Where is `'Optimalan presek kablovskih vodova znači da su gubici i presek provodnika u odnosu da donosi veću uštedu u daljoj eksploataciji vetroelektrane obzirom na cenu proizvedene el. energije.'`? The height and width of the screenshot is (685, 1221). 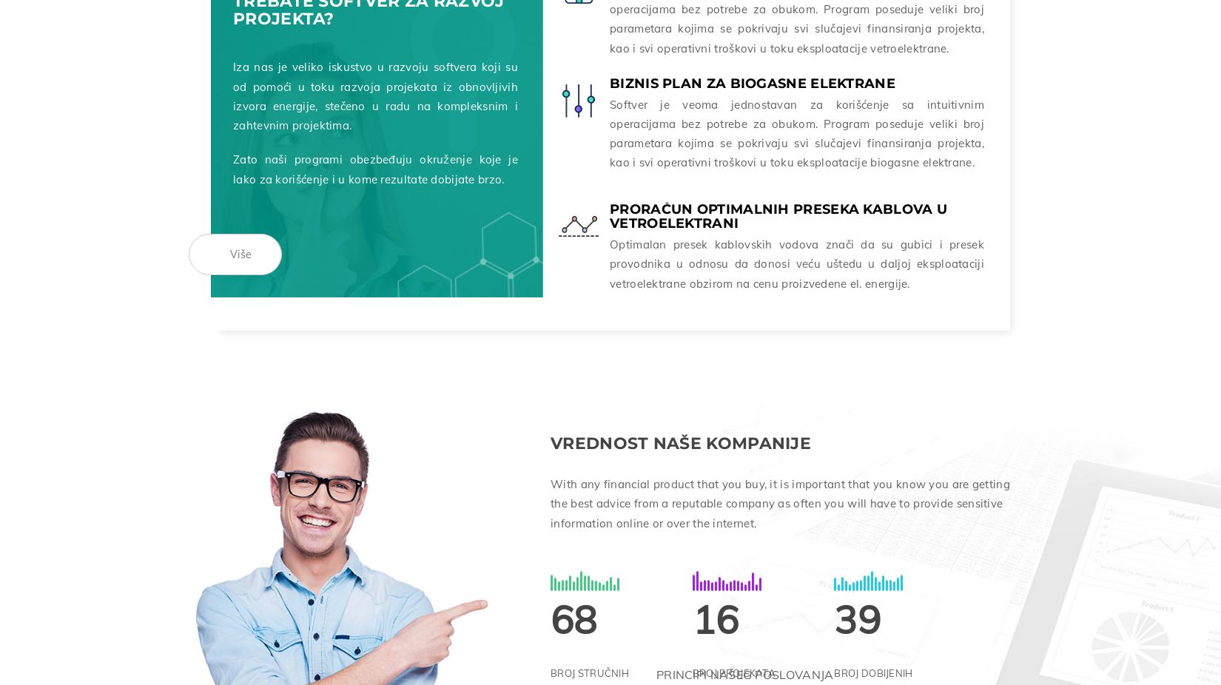 'Optimalan presek kablovskih vodova znači da su gubici i presek provodnika u odnosu da donosi veću uštedu u daljoj eksploataciji vetroelektrane obzirom na cenu proizvedene el. energije.' is located at coordinates (796, 260).